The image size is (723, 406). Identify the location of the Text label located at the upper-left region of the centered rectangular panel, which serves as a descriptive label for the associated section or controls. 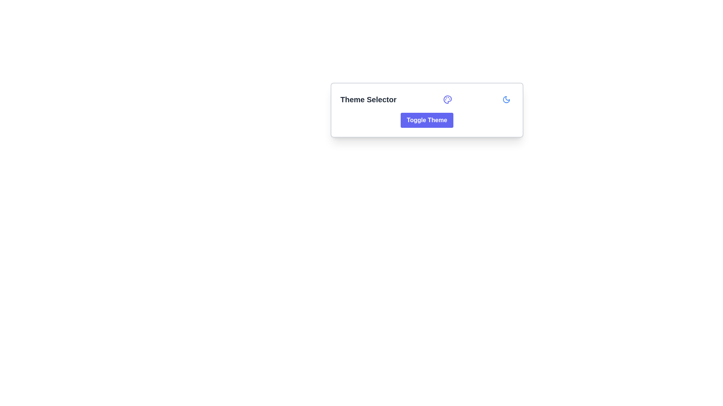
(368, 99).